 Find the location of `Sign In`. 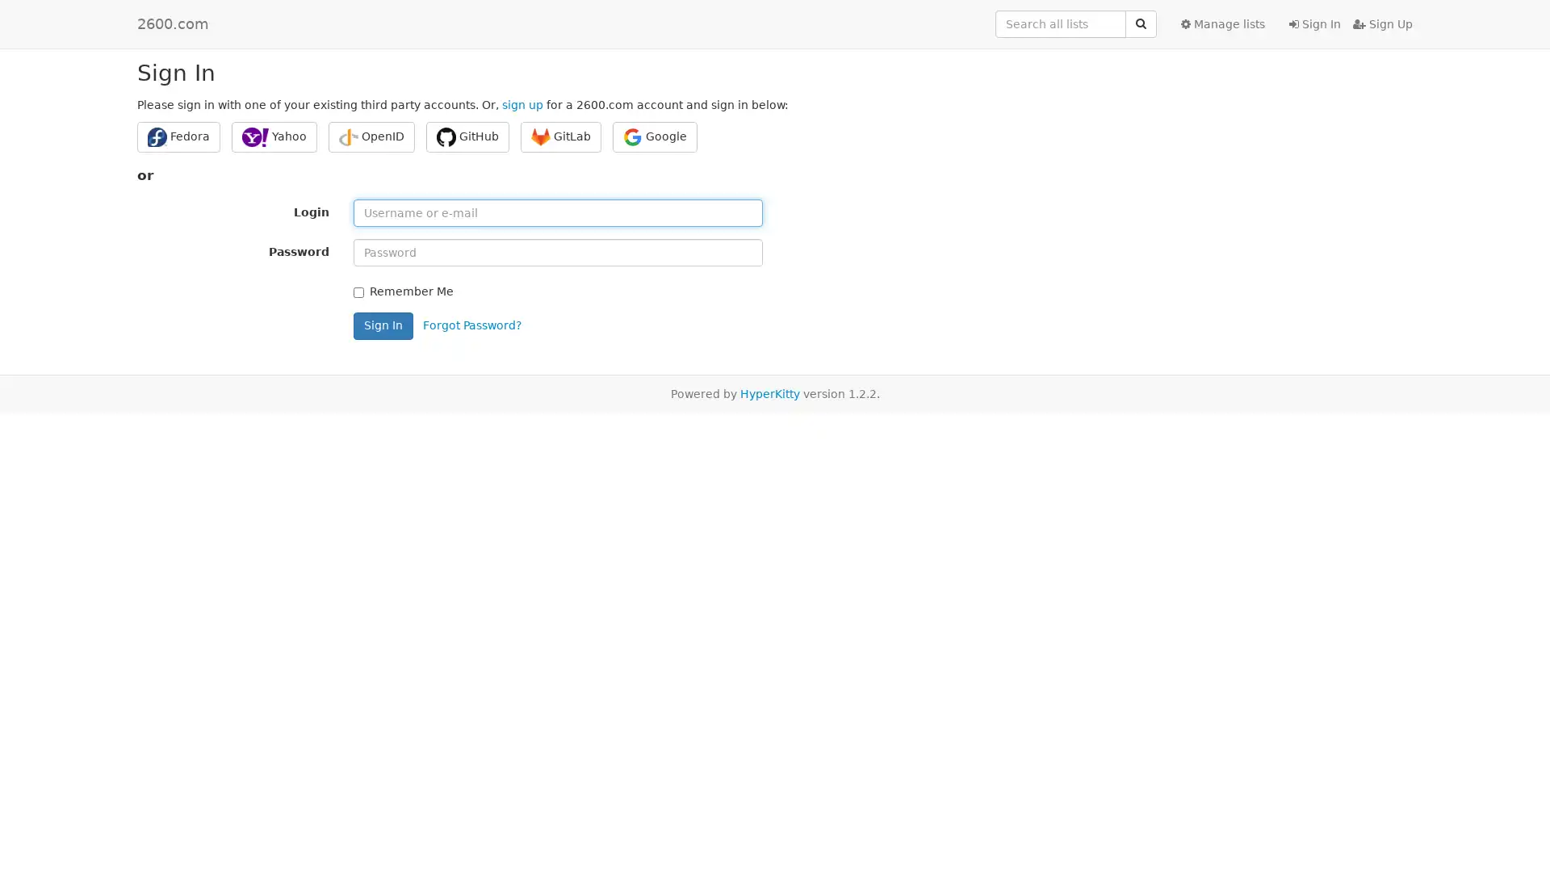

Sign In is located at coordinates (383, 325).